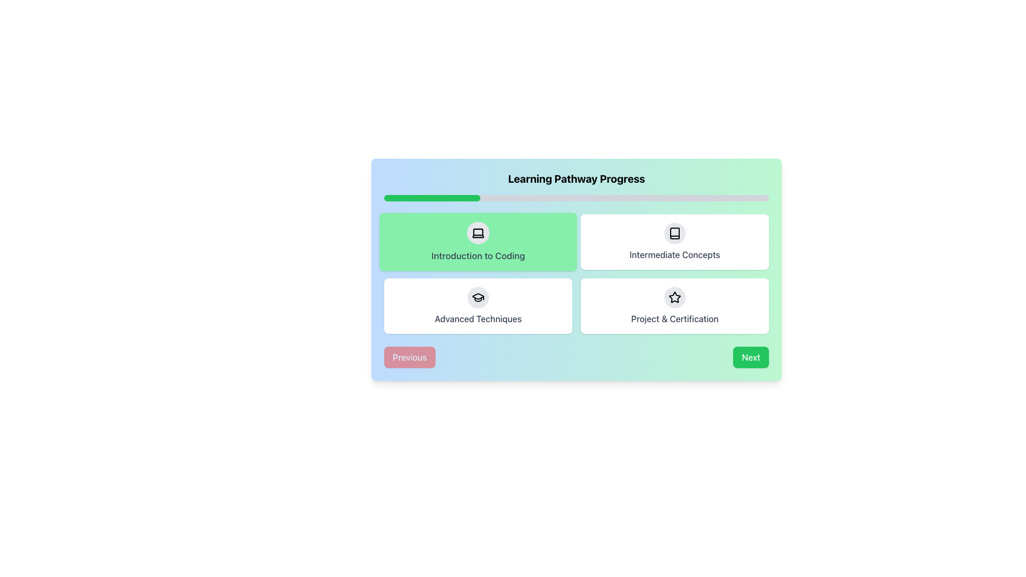 This screenshot has height=577, width=1026. I want to click on the star-shaped icon within the light gray circular background, located in the bottom-right quadrant of the interface, representing the 'Project & Certification' section, so click(674, 297).